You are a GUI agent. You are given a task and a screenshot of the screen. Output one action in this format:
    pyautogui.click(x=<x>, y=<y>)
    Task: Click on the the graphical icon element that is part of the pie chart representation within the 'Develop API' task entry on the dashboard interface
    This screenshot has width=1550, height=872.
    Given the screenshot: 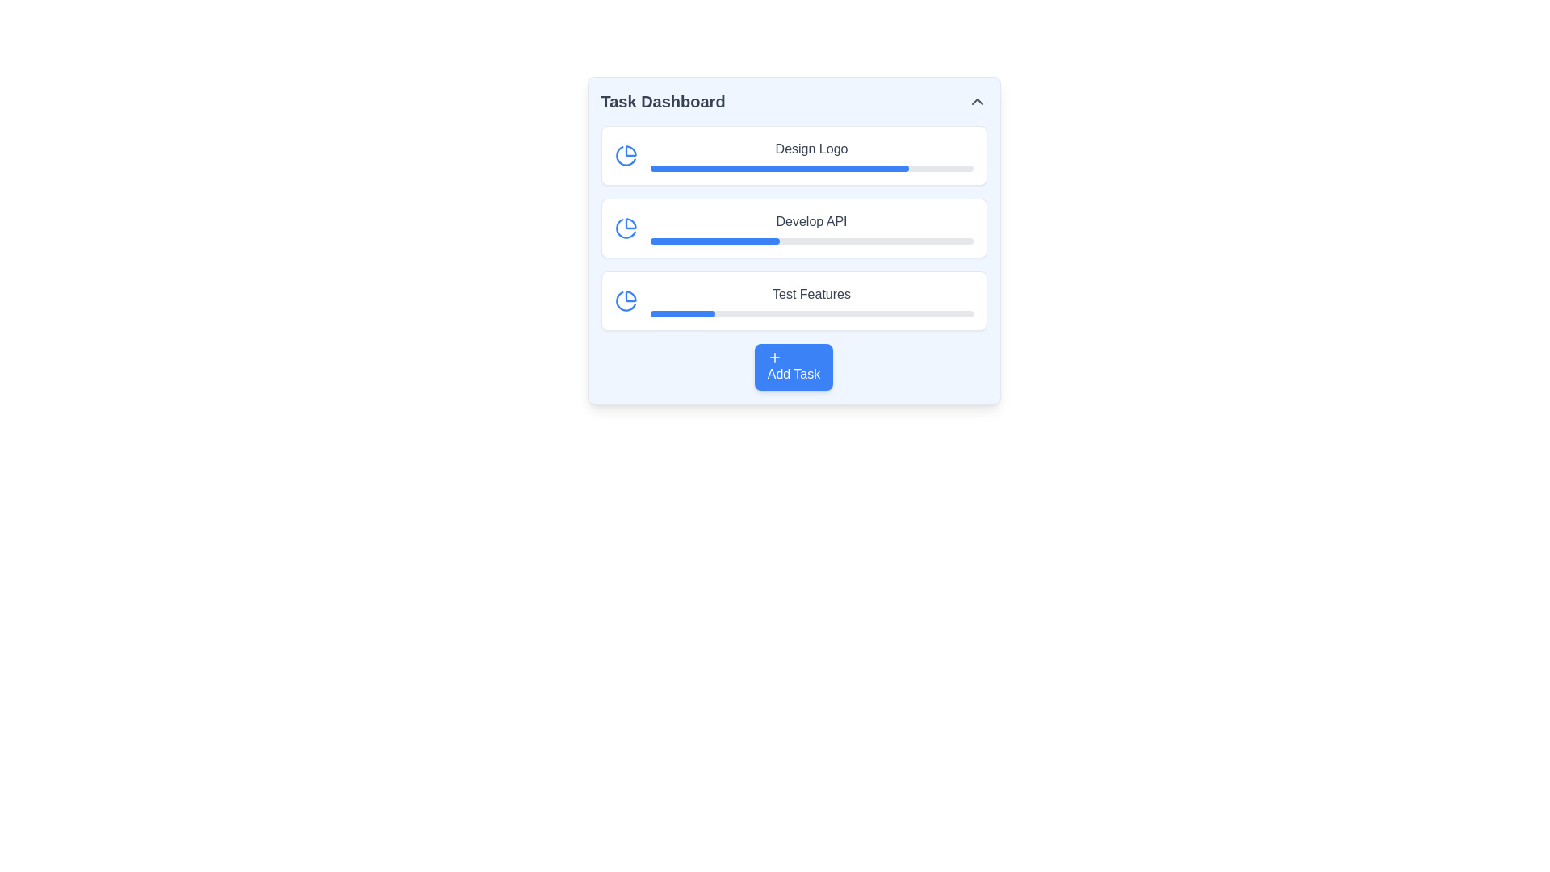 What is the action you would take?
    pyautogui.click(x=630, y=224)
    